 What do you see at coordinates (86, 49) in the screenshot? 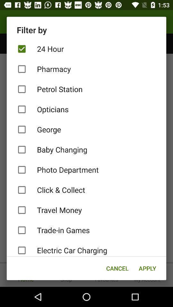
I see `the item below filter by item` at bounding box center [86, 49].